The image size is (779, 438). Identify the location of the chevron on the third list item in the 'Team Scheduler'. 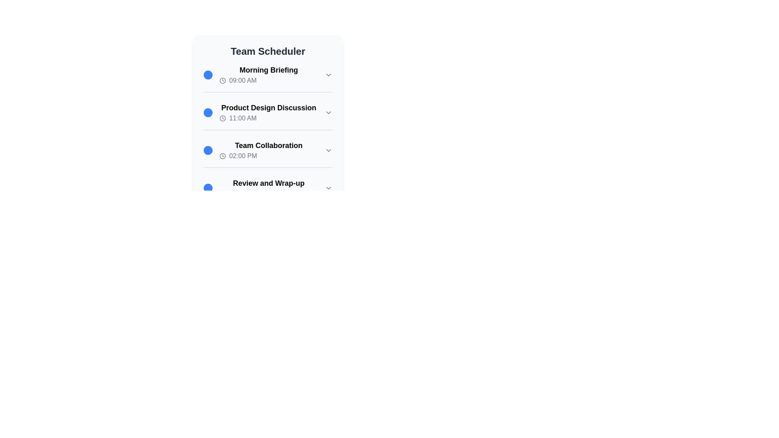
(268, 150).